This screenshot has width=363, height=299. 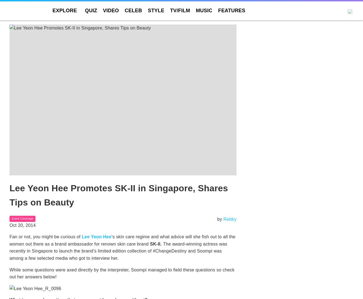 What do you see at coordinates (122, 240) in the screenshot?
I see `'‘s skin care regime and what advice will she fish out to all the women out there as a brand ambassador for renown skin care brand'` at bounding box center [122, 240].